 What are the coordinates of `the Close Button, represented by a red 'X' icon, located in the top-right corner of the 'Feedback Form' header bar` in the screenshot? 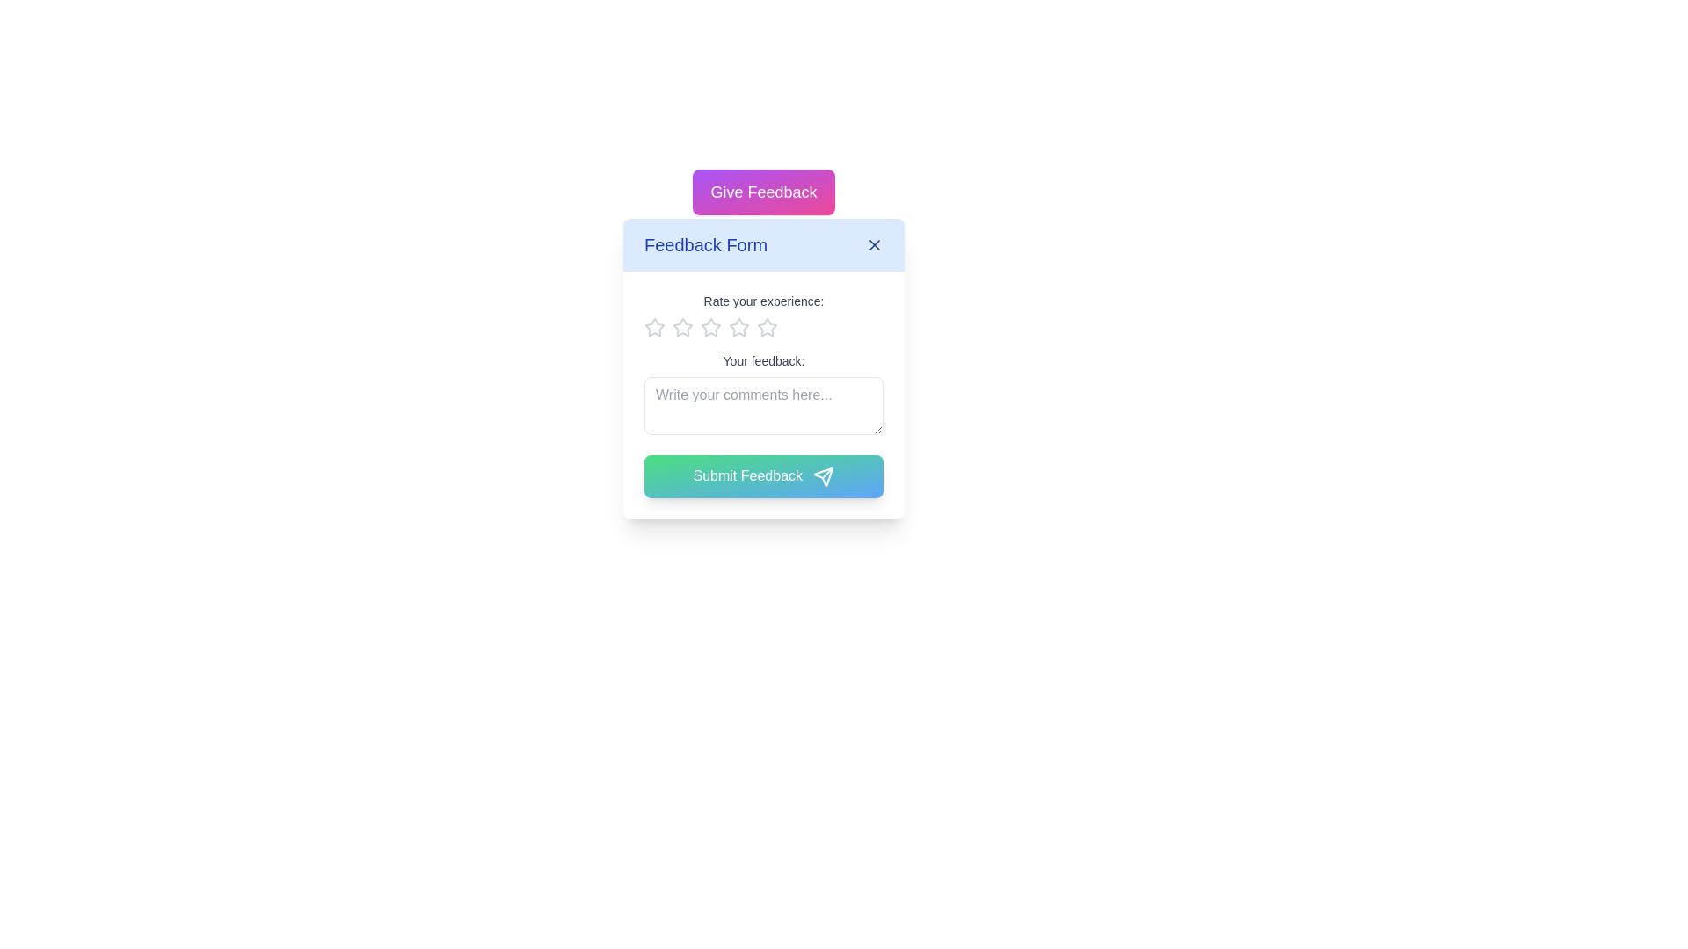 It's located at (874, 244).